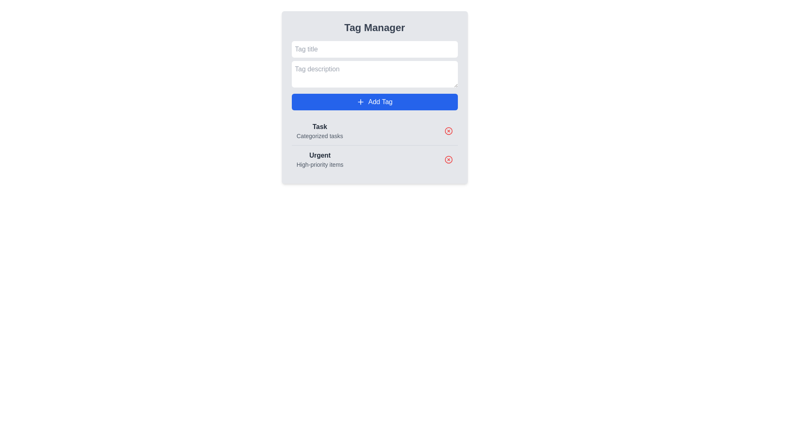  Describe the element at coordinates (374, 102) in the screenshot. I see `the blue 'Add Tag' button located beneath the 'Tag title' and 'Tag description' input fields` at that location.